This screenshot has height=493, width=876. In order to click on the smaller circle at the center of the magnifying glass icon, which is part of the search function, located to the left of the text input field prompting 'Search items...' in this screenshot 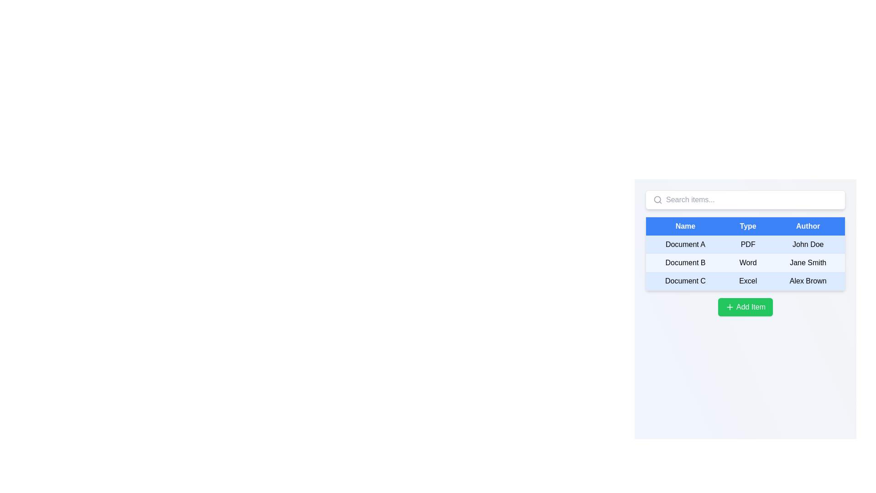, I will do `click(657, 199)`.